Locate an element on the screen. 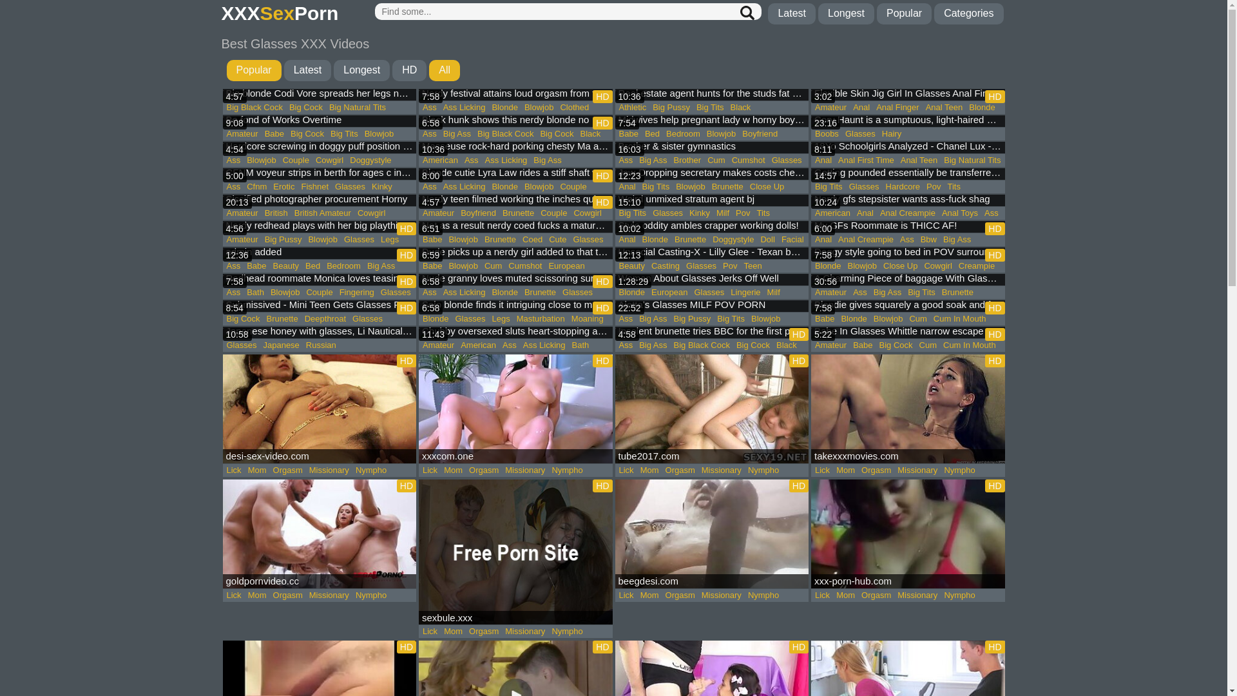 The width and height of the screenshot is (1237, 696). 'European' is located at coordinates (566, 265).